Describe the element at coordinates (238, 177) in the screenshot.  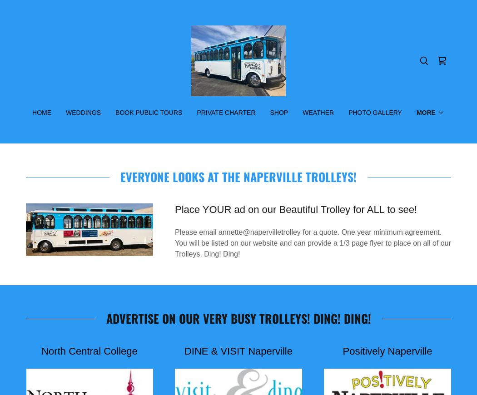
I see `'EVERYONE looks at the Naperville Trolleys!'` at that location.